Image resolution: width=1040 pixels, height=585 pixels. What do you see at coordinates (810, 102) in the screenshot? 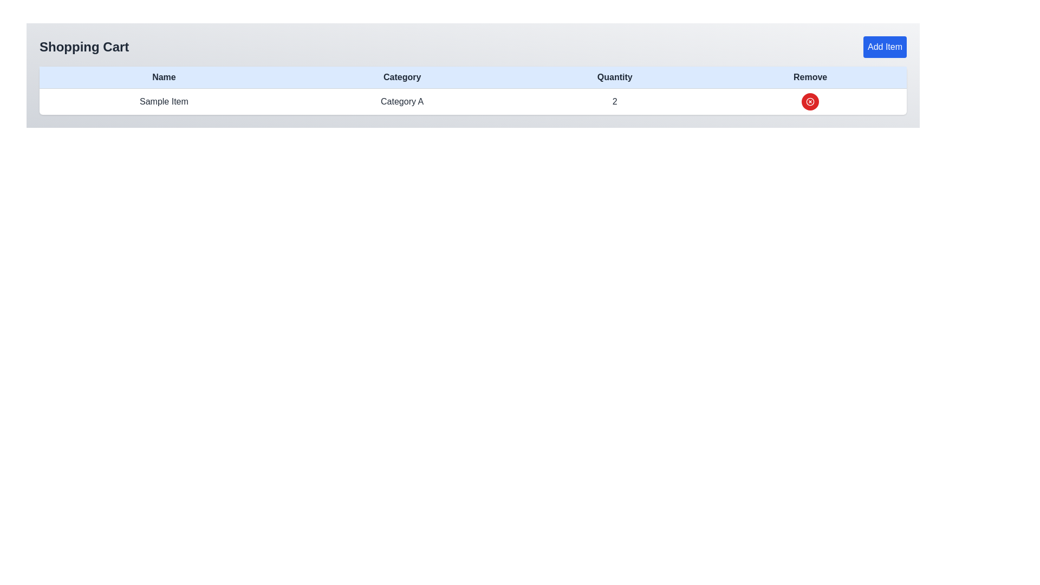
I see `the circular red button with a white X icon located in the last column under the 'Remove' header` at bounding box center [810, 102].